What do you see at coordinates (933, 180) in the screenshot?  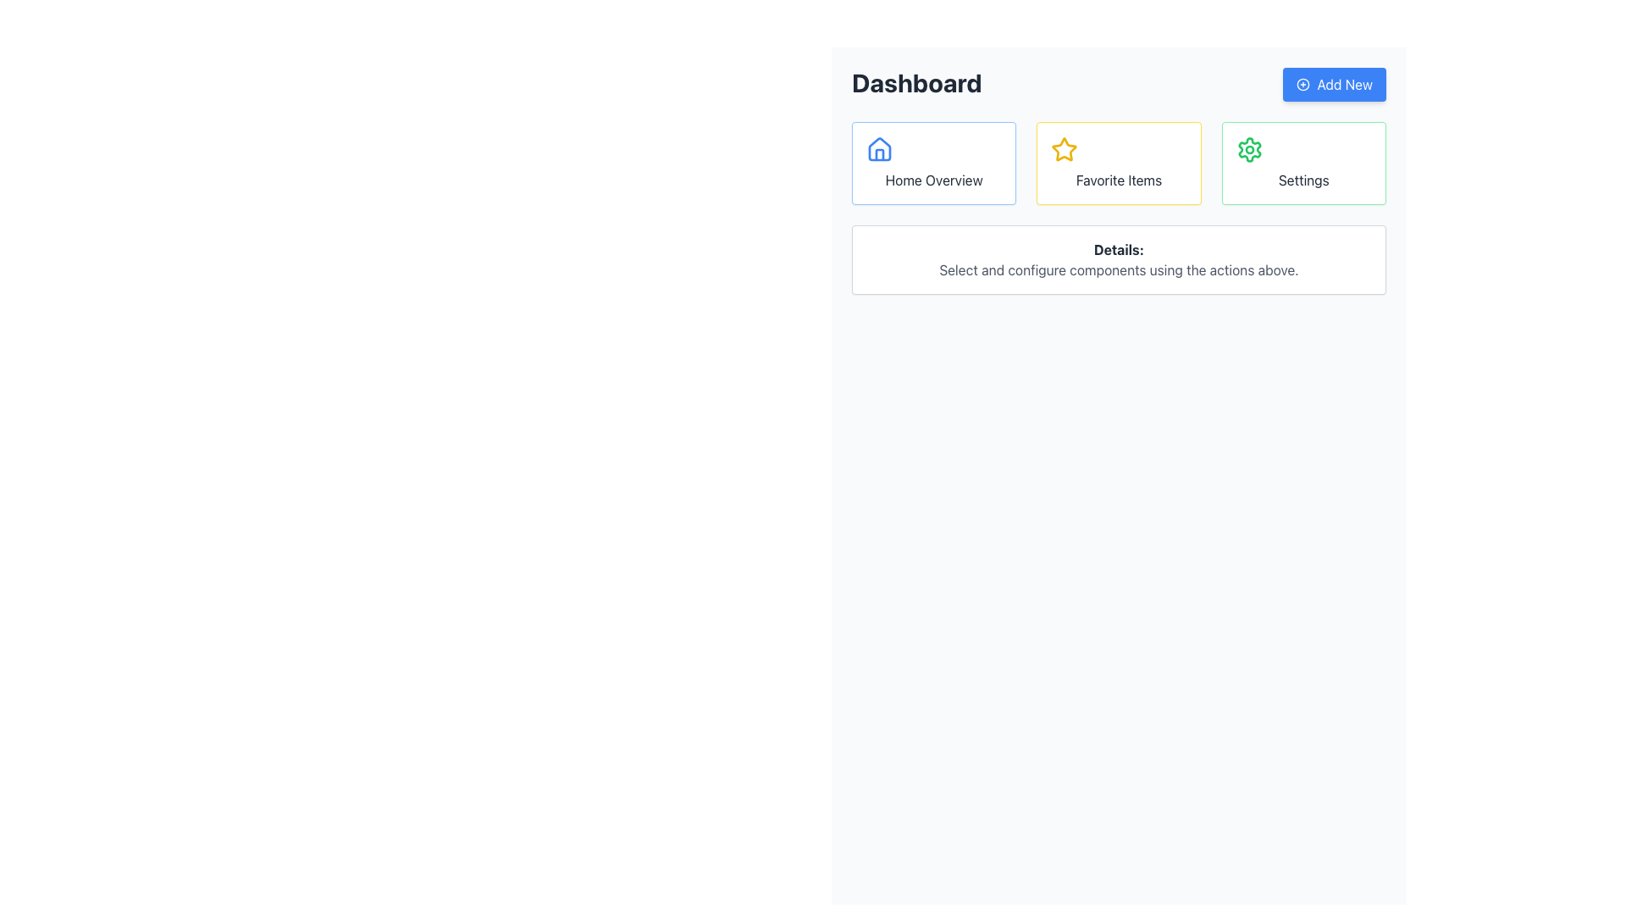 I see `the descriptive text label located at the bottom of the leftmost card in the horizontal list under the 'Dashboard' heading` at bounding box center [933, 180].